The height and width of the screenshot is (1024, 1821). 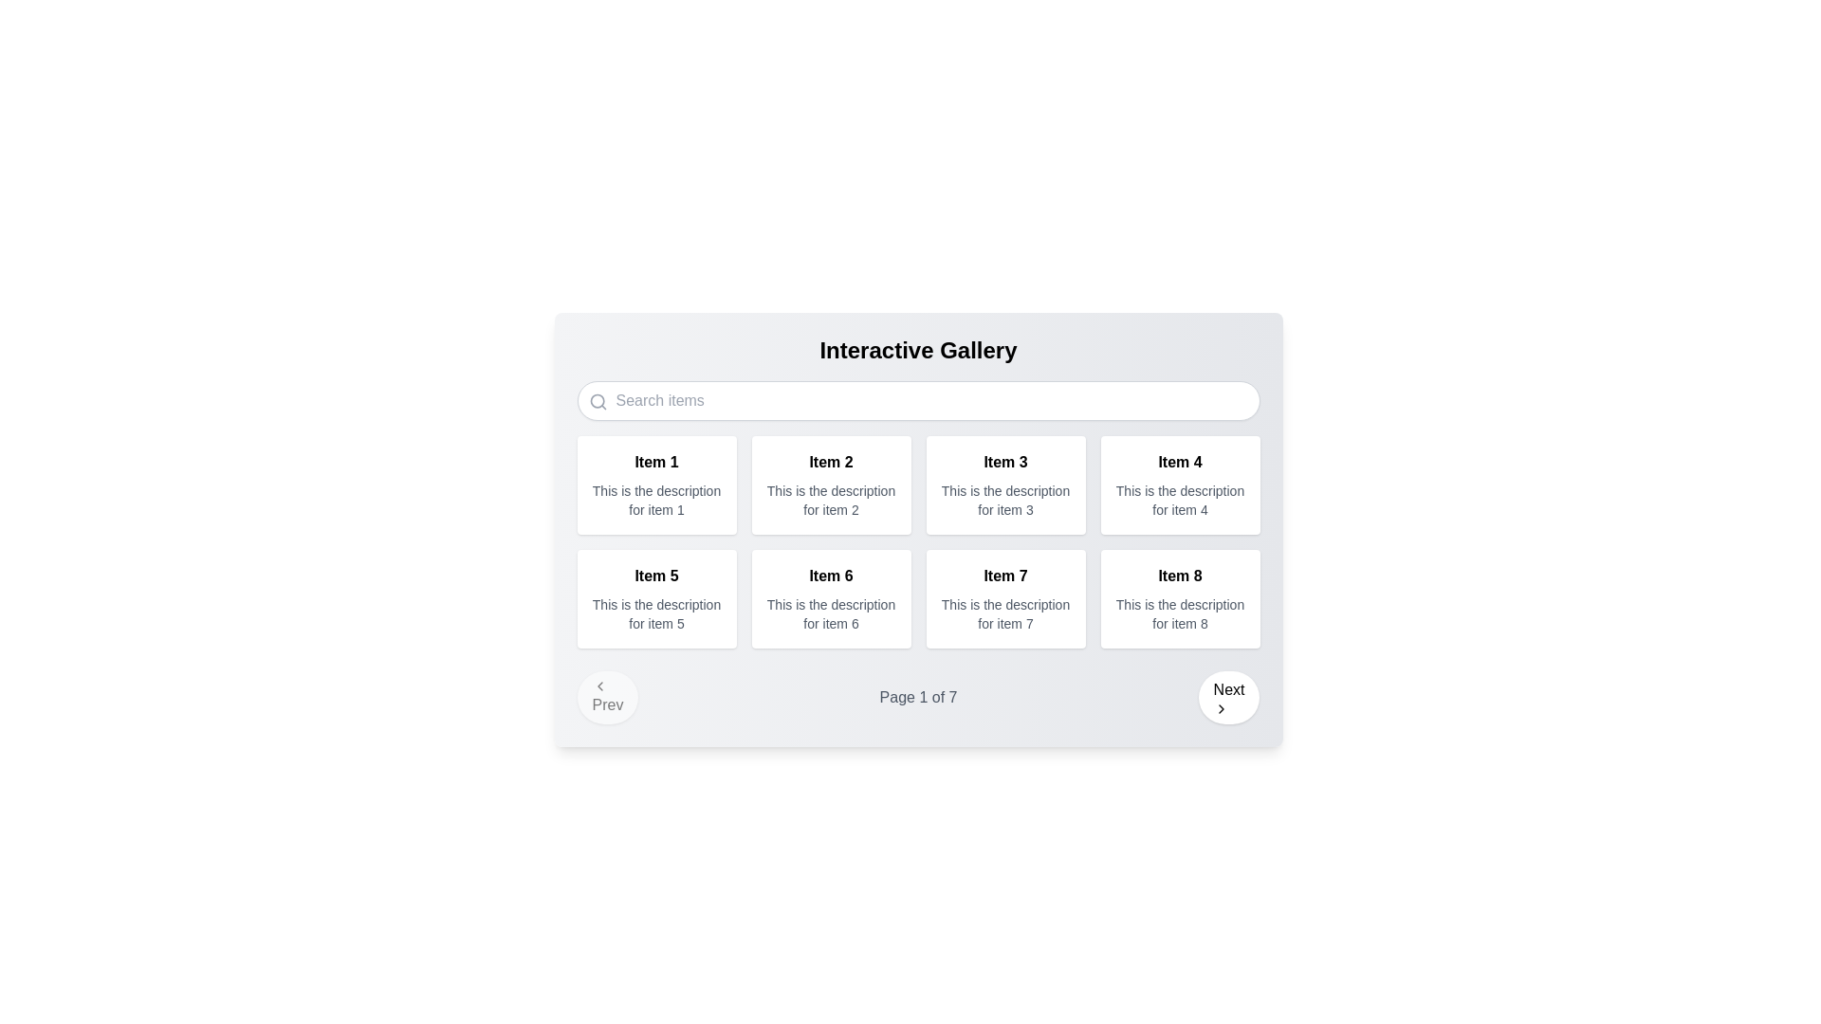 I want to click on the text block that displays the description 'This is the description for item 6', located beneath the title 'Item 6' in the card layout, so click(x=831, y=614).